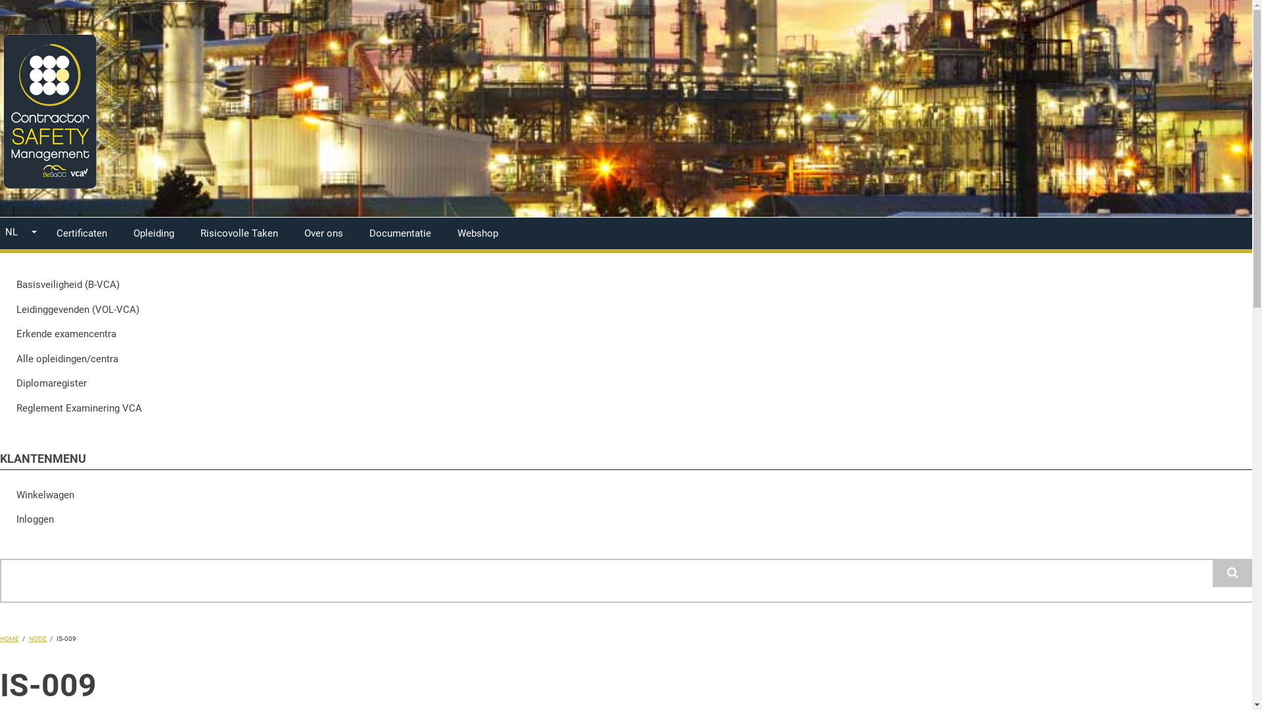 This screenshot has height=710, width=1262. What do you see at coordinates (0, 285) in the screenshot?
I see `'Basisveiligheid (B-VCA)'` at bounding box center [0, 285].